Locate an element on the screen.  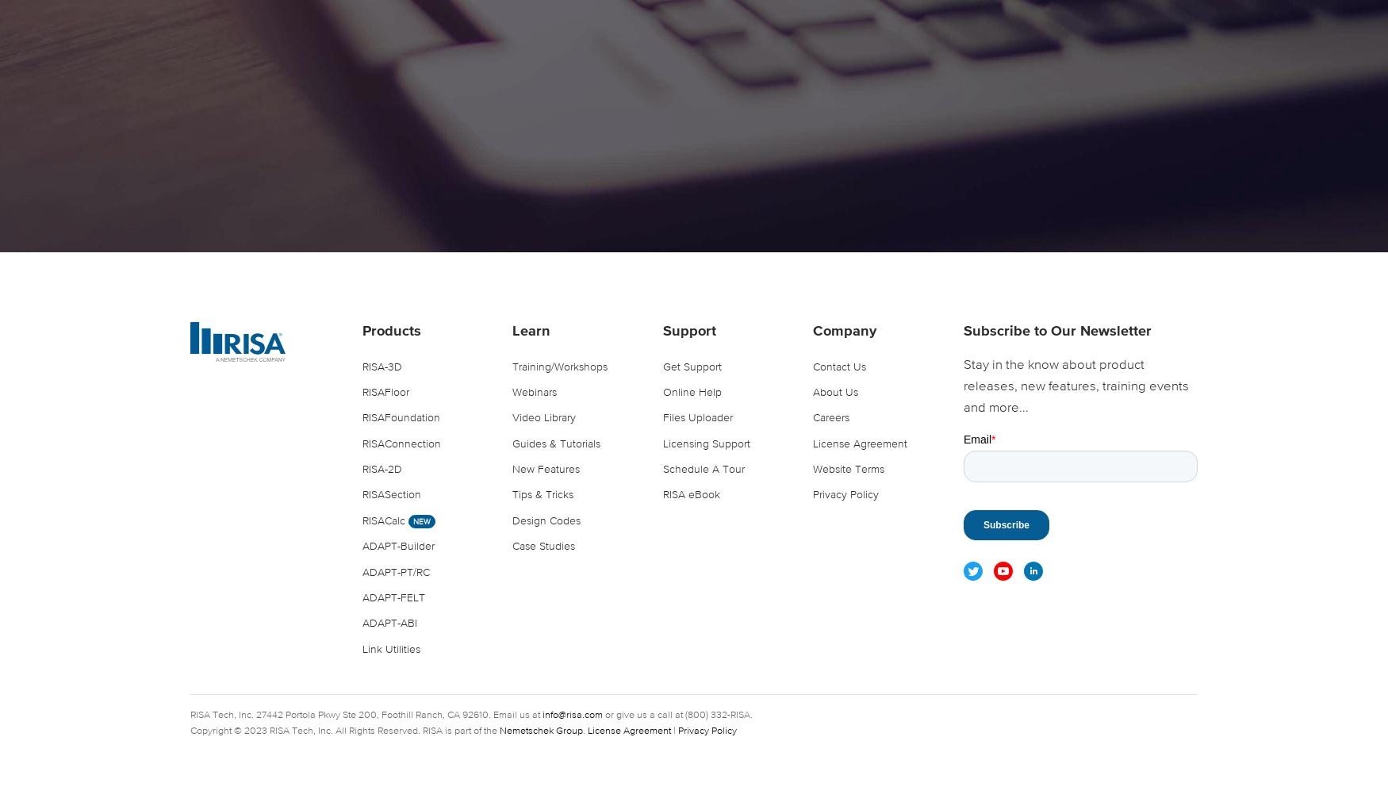
'Get Support' is located at coordinates (692, 367).